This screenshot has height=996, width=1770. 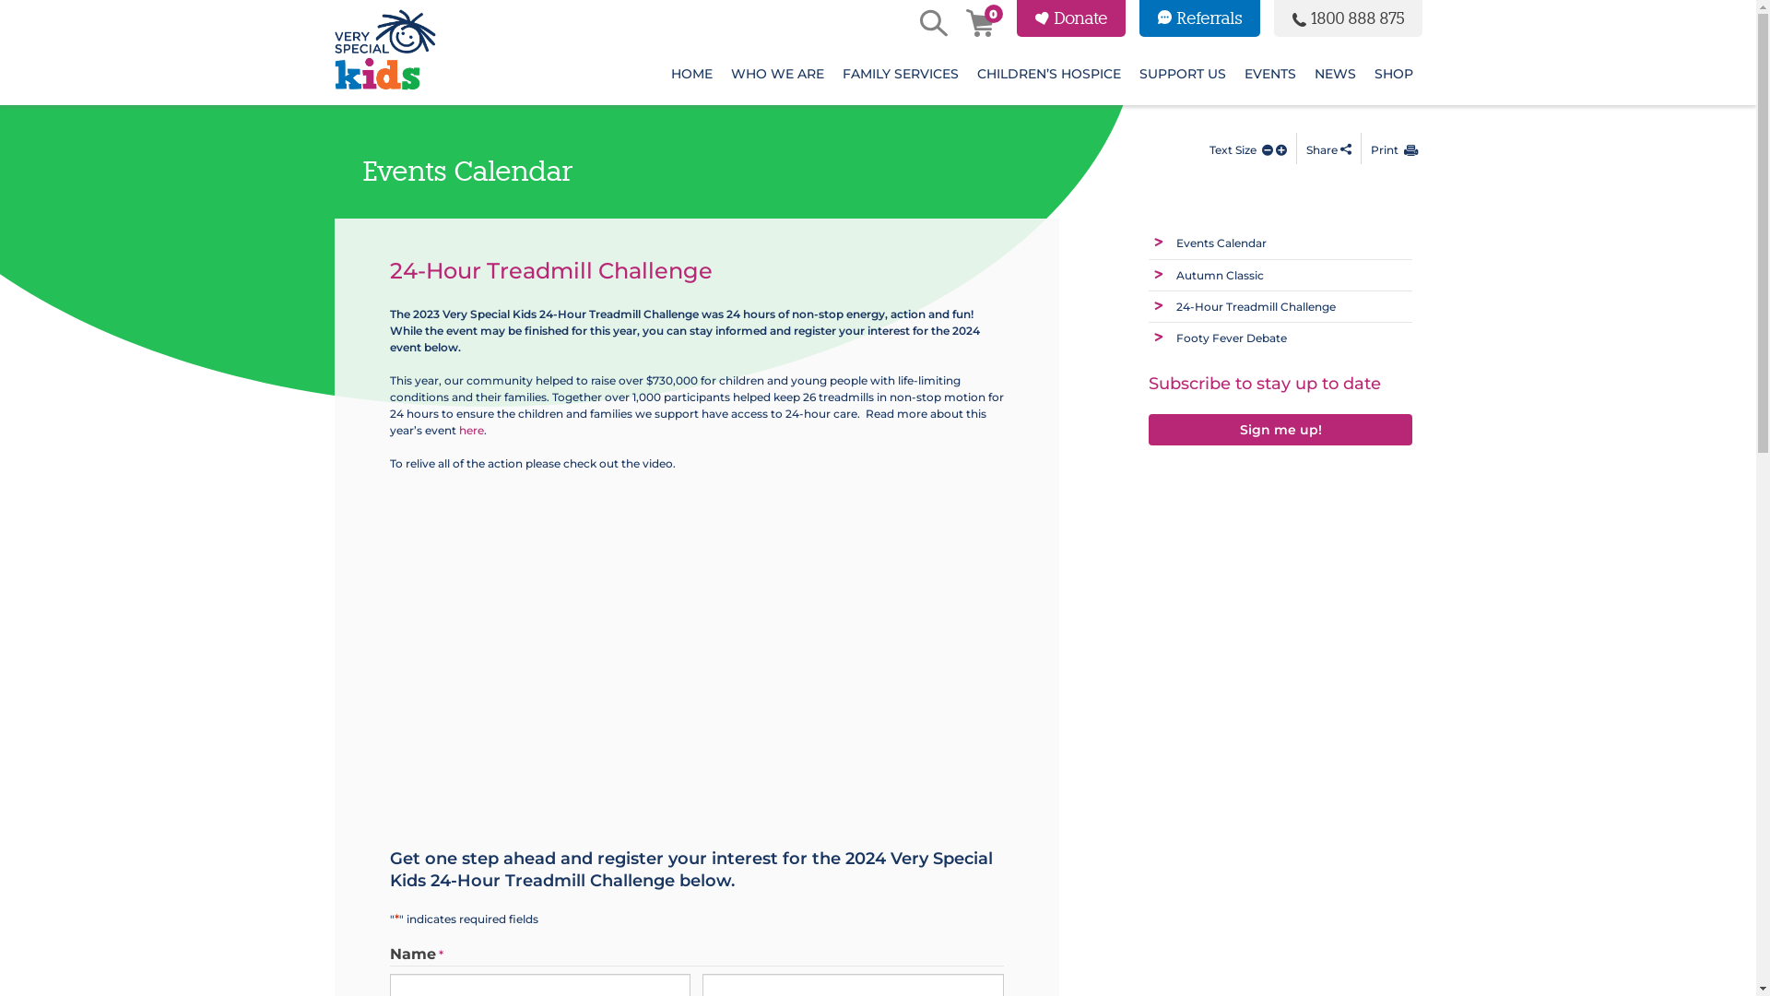 I want to click on 'Footy Fever Debate', so click(x=1231, y=338).